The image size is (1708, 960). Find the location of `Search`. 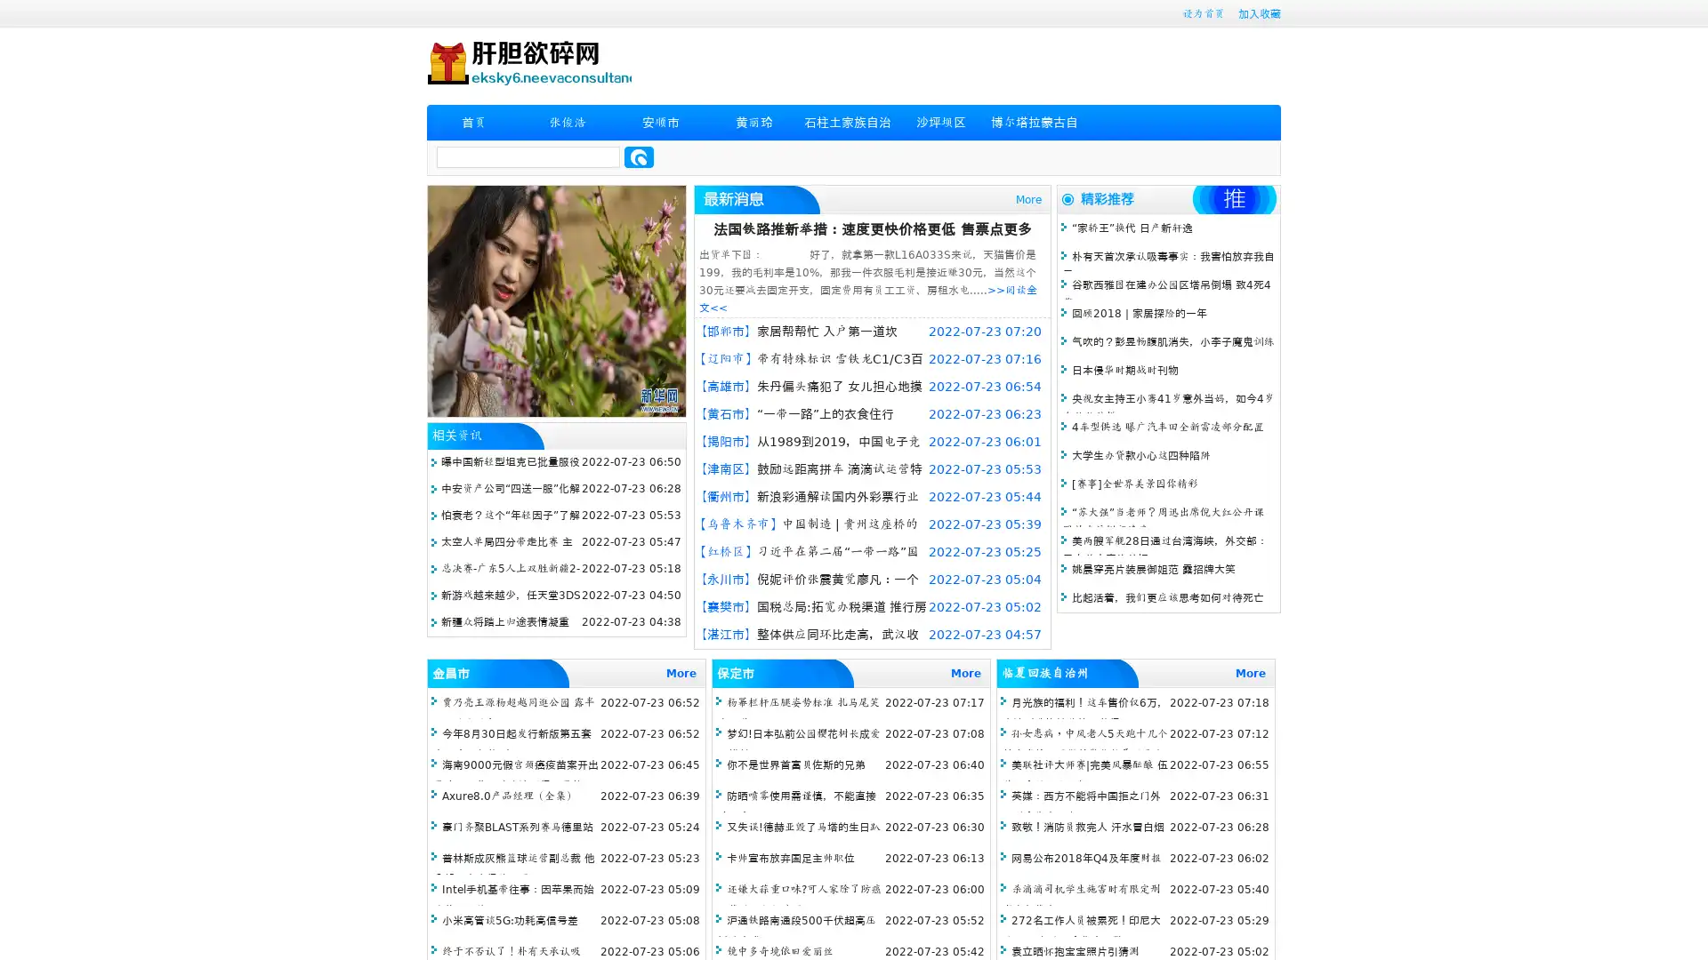

Search is located at coordinates (639, 156).